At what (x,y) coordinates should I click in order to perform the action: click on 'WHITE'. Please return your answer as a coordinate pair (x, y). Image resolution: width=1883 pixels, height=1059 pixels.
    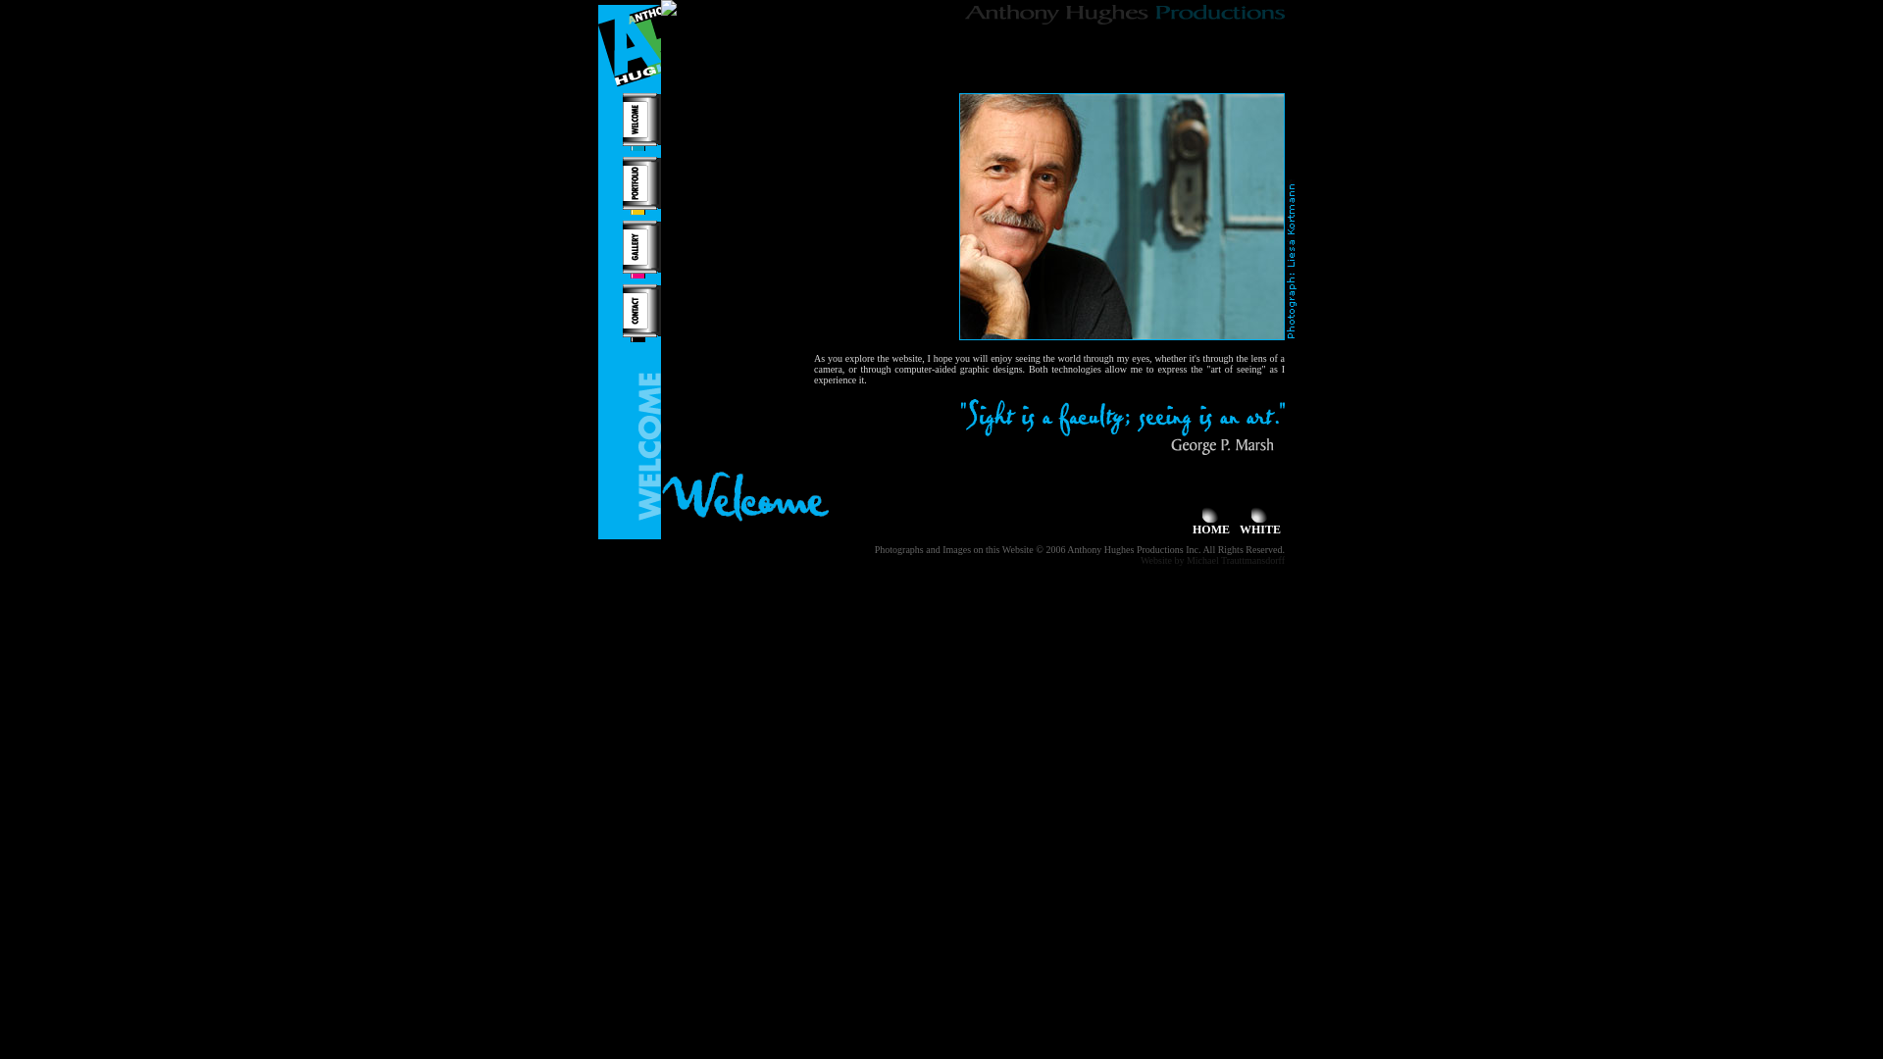
    Looking at the image, I should click on (1238, 523).